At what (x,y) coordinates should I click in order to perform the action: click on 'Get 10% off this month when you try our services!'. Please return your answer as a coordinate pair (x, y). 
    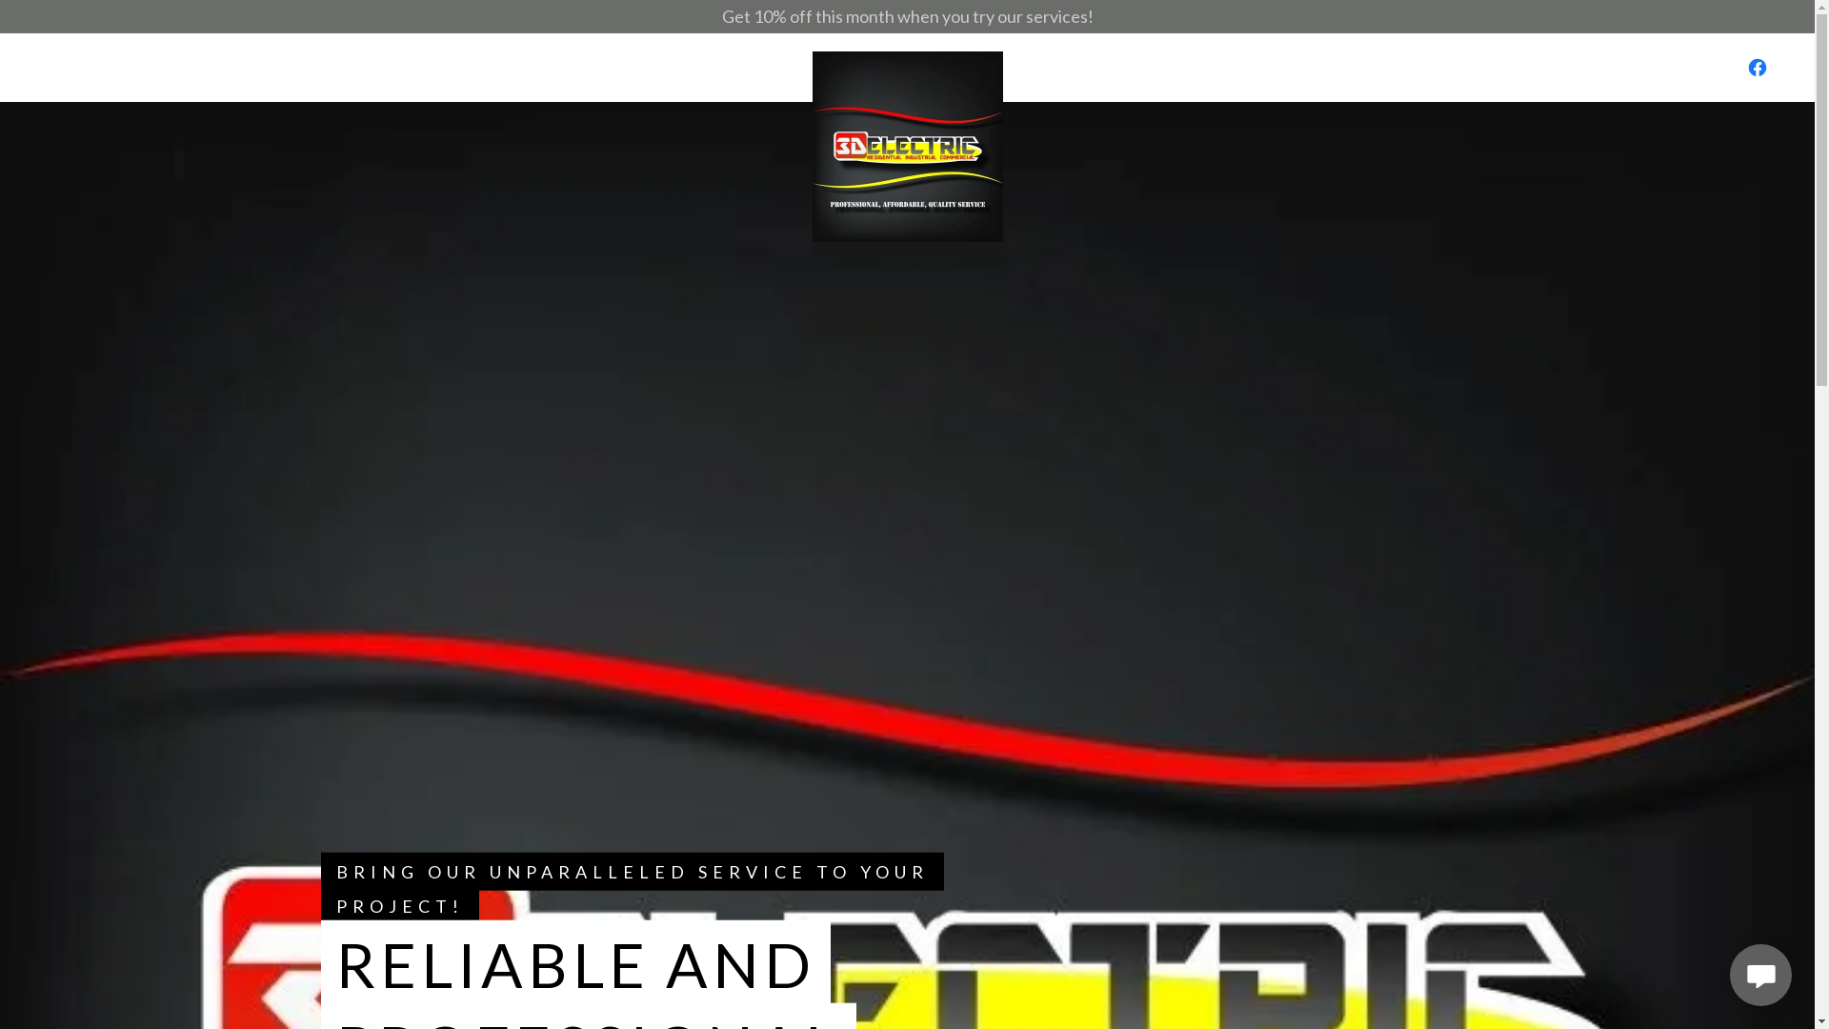
    Looking at the image, I should click on (906, 16).